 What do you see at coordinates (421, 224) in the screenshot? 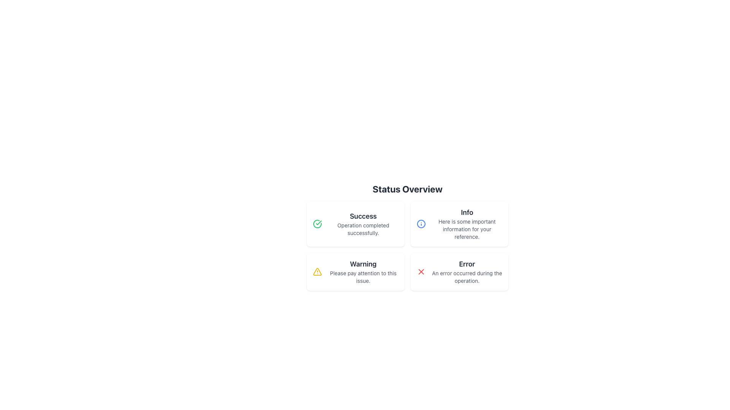
I see `the informational icon located inside the 'Info' card, which is the second card from the left in the top row of the four status message cards under the 'Status Overview' heading` at bounding box center [421, 224].